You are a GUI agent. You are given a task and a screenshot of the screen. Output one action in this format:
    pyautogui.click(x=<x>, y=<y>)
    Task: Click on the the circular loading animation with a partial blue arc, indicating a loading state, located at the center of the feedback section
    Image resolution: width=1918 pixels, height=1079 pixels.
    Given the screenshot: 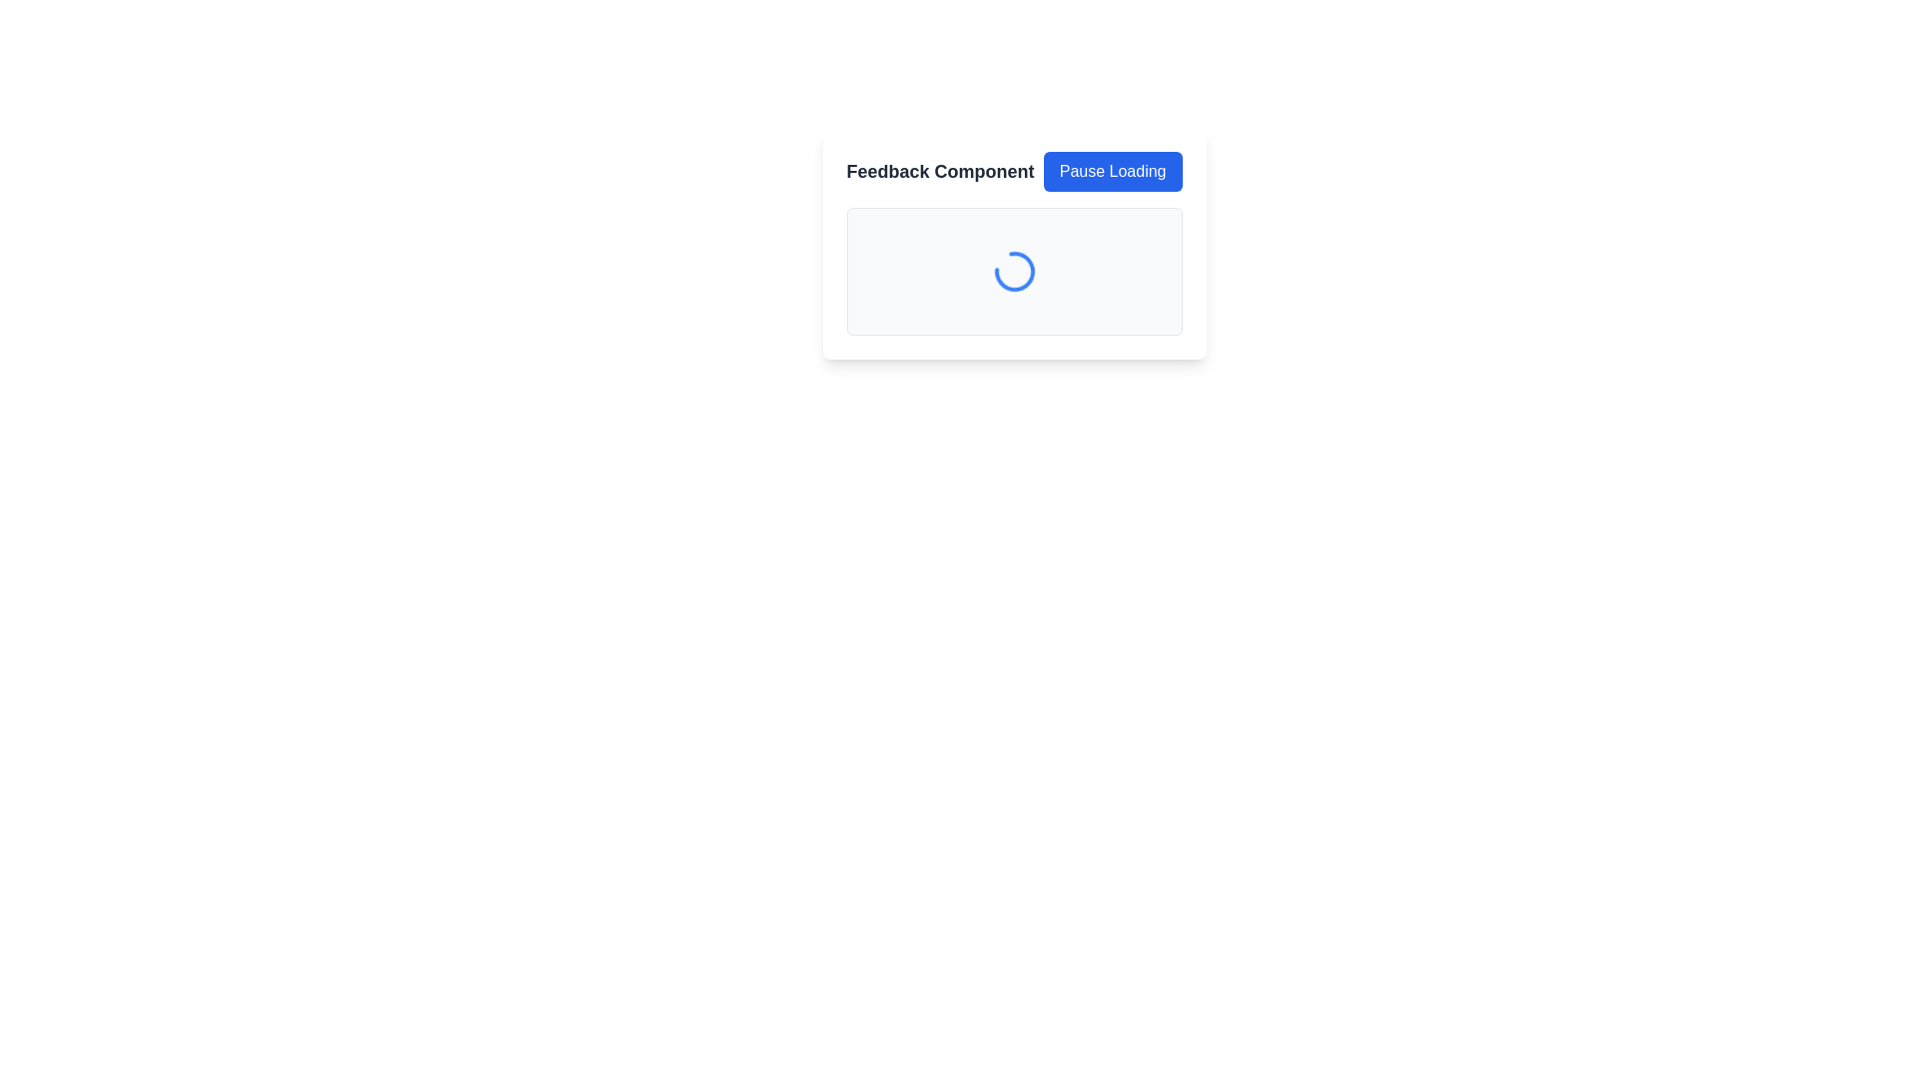 What is the action you would take?
    pyautogui.click(x=1014, y=272)
    